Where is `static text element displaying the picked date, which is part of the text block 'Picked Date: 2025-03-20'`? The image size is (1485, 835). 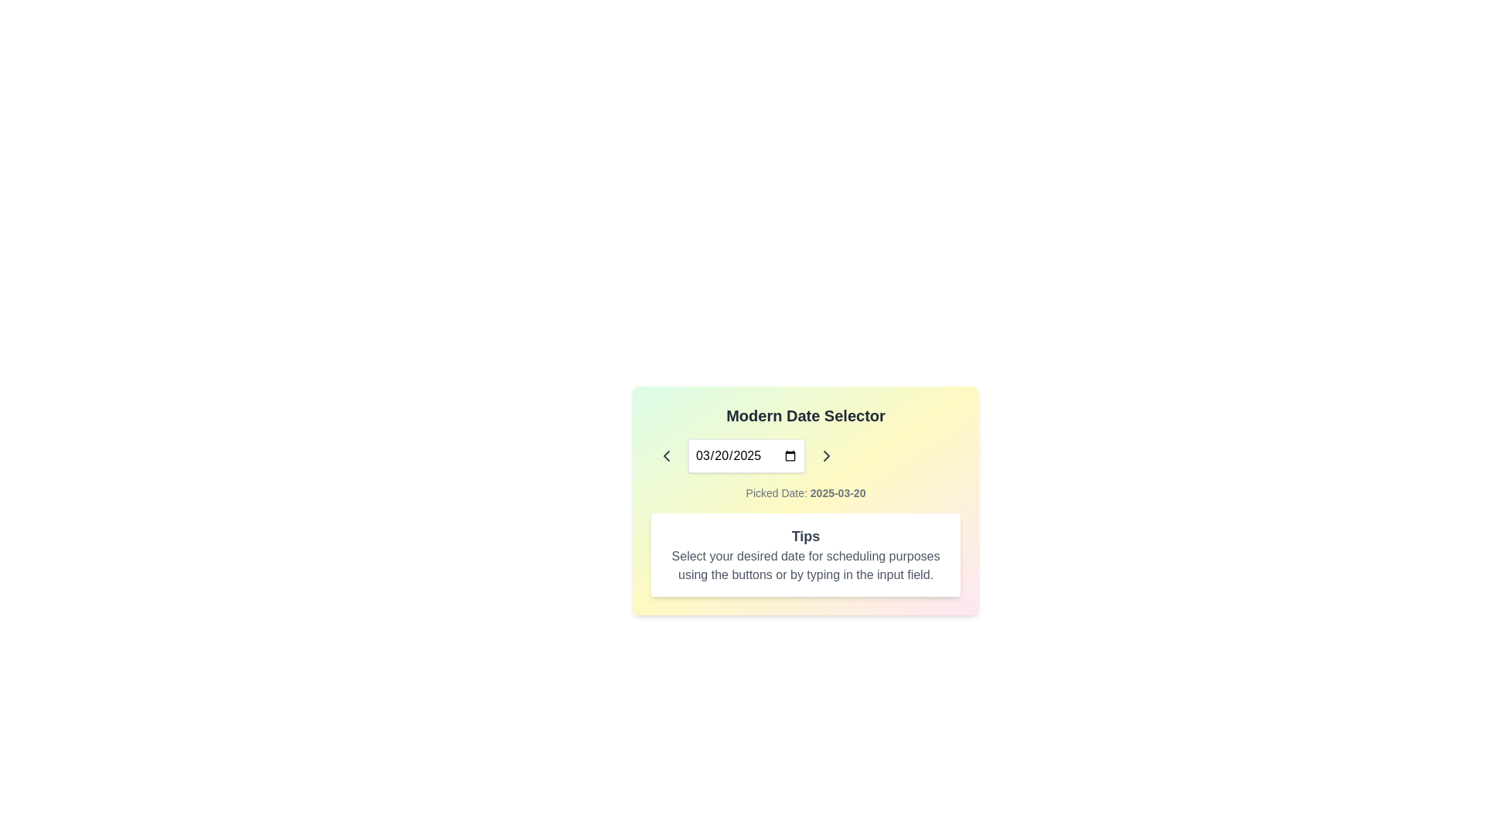
static text element displaying the picked date, which is part of the text block 'Picked Date: 2025-03-20' is located at coordinates (837, 492).